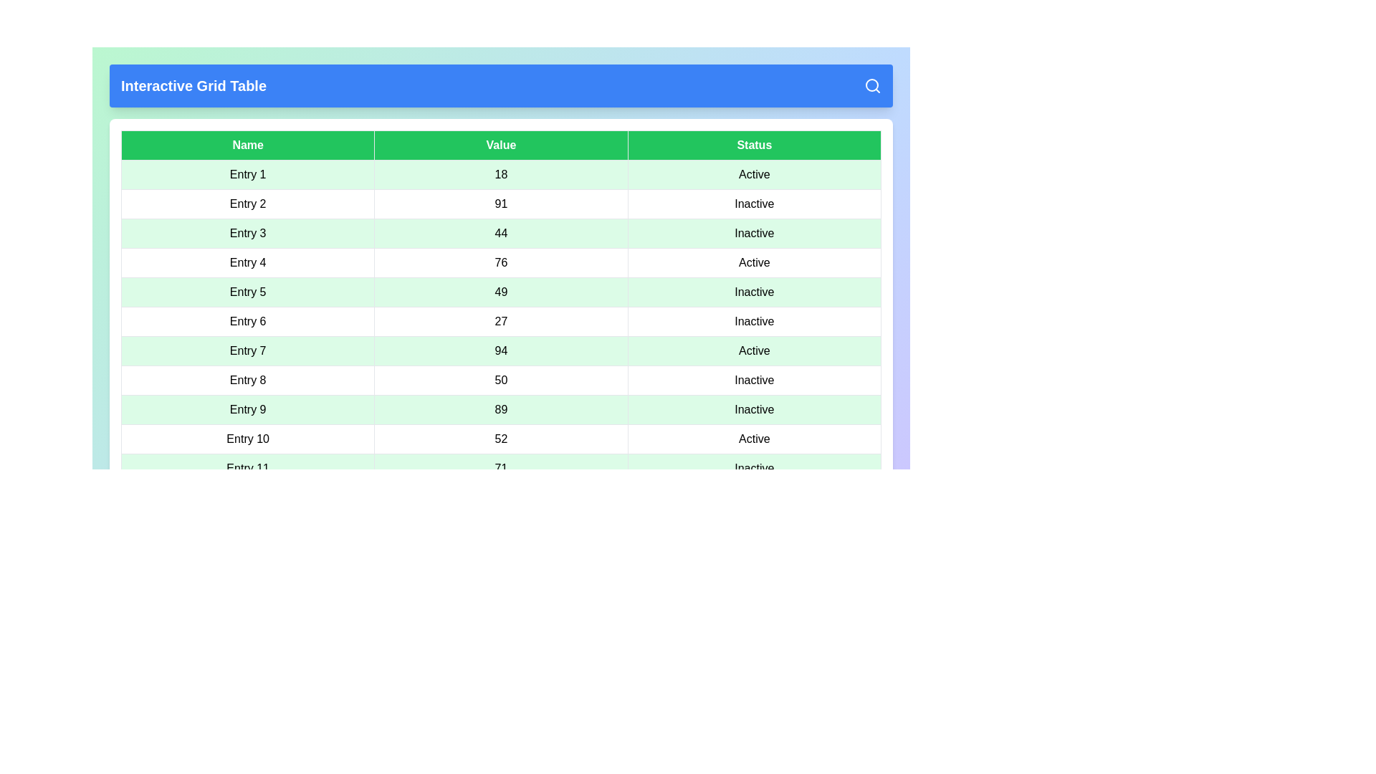  What do you see at coordinates (872, 85) in the screenshot?
I see `the search icon located in the header of the InteractiveGridComponent` at bounding box center [872, 85].